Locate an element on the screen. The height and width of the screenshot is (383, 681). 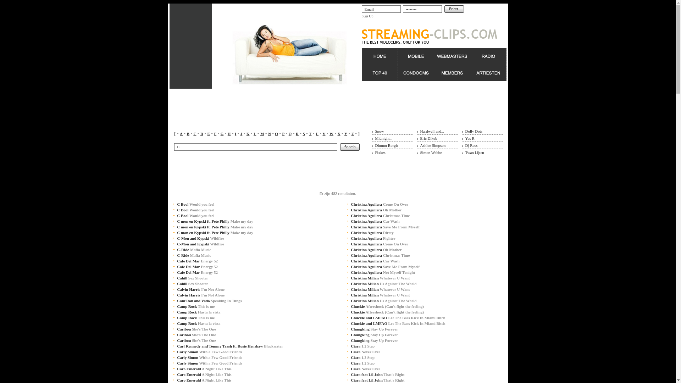
'Dolly Dots' is located at coordinates (465, 131).